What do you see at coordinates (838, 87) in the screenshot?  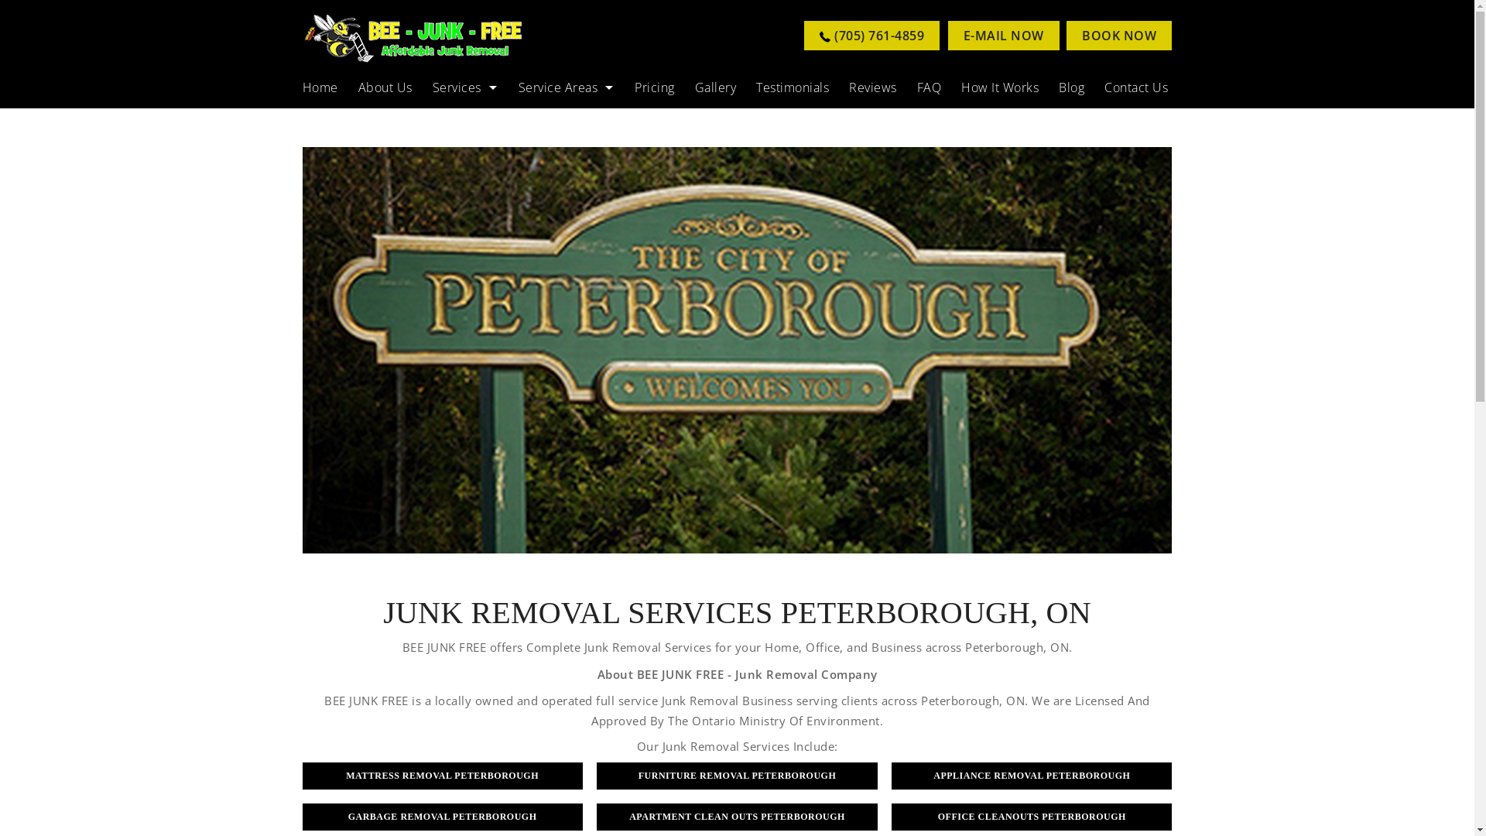 I see `'Reviews'` at bounding box center [838, 87].